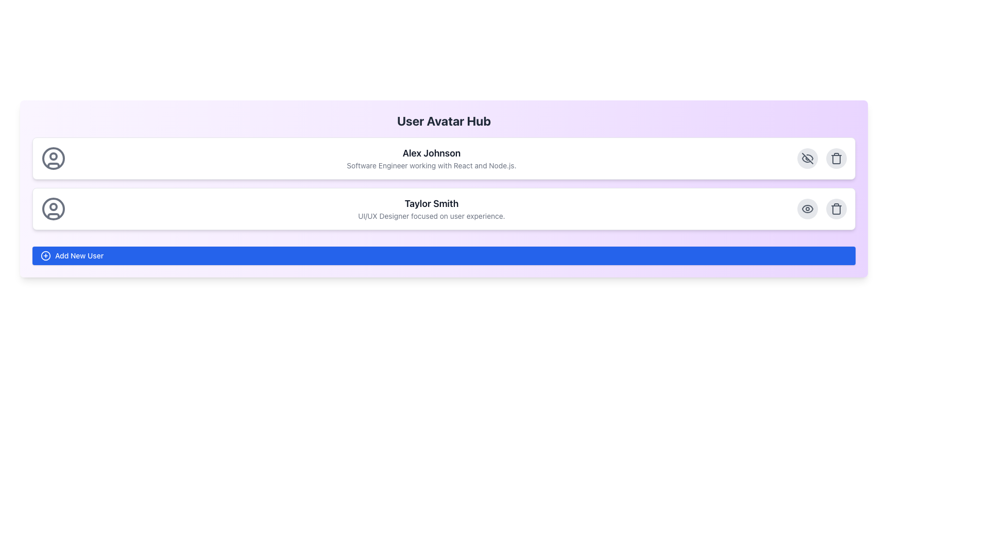 The image size is (989, 556). What do you see at coordinates (432, 216) in the screenshot?
I see `text label that states 'UI/UX Designer focused on user experience.' located under the name 'Taylor Smith'` at bounding box center [432, 216].